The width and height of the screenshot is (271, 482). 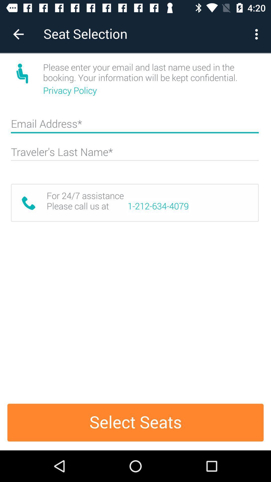 I want to click on type email address, so click(x=134, y=126).